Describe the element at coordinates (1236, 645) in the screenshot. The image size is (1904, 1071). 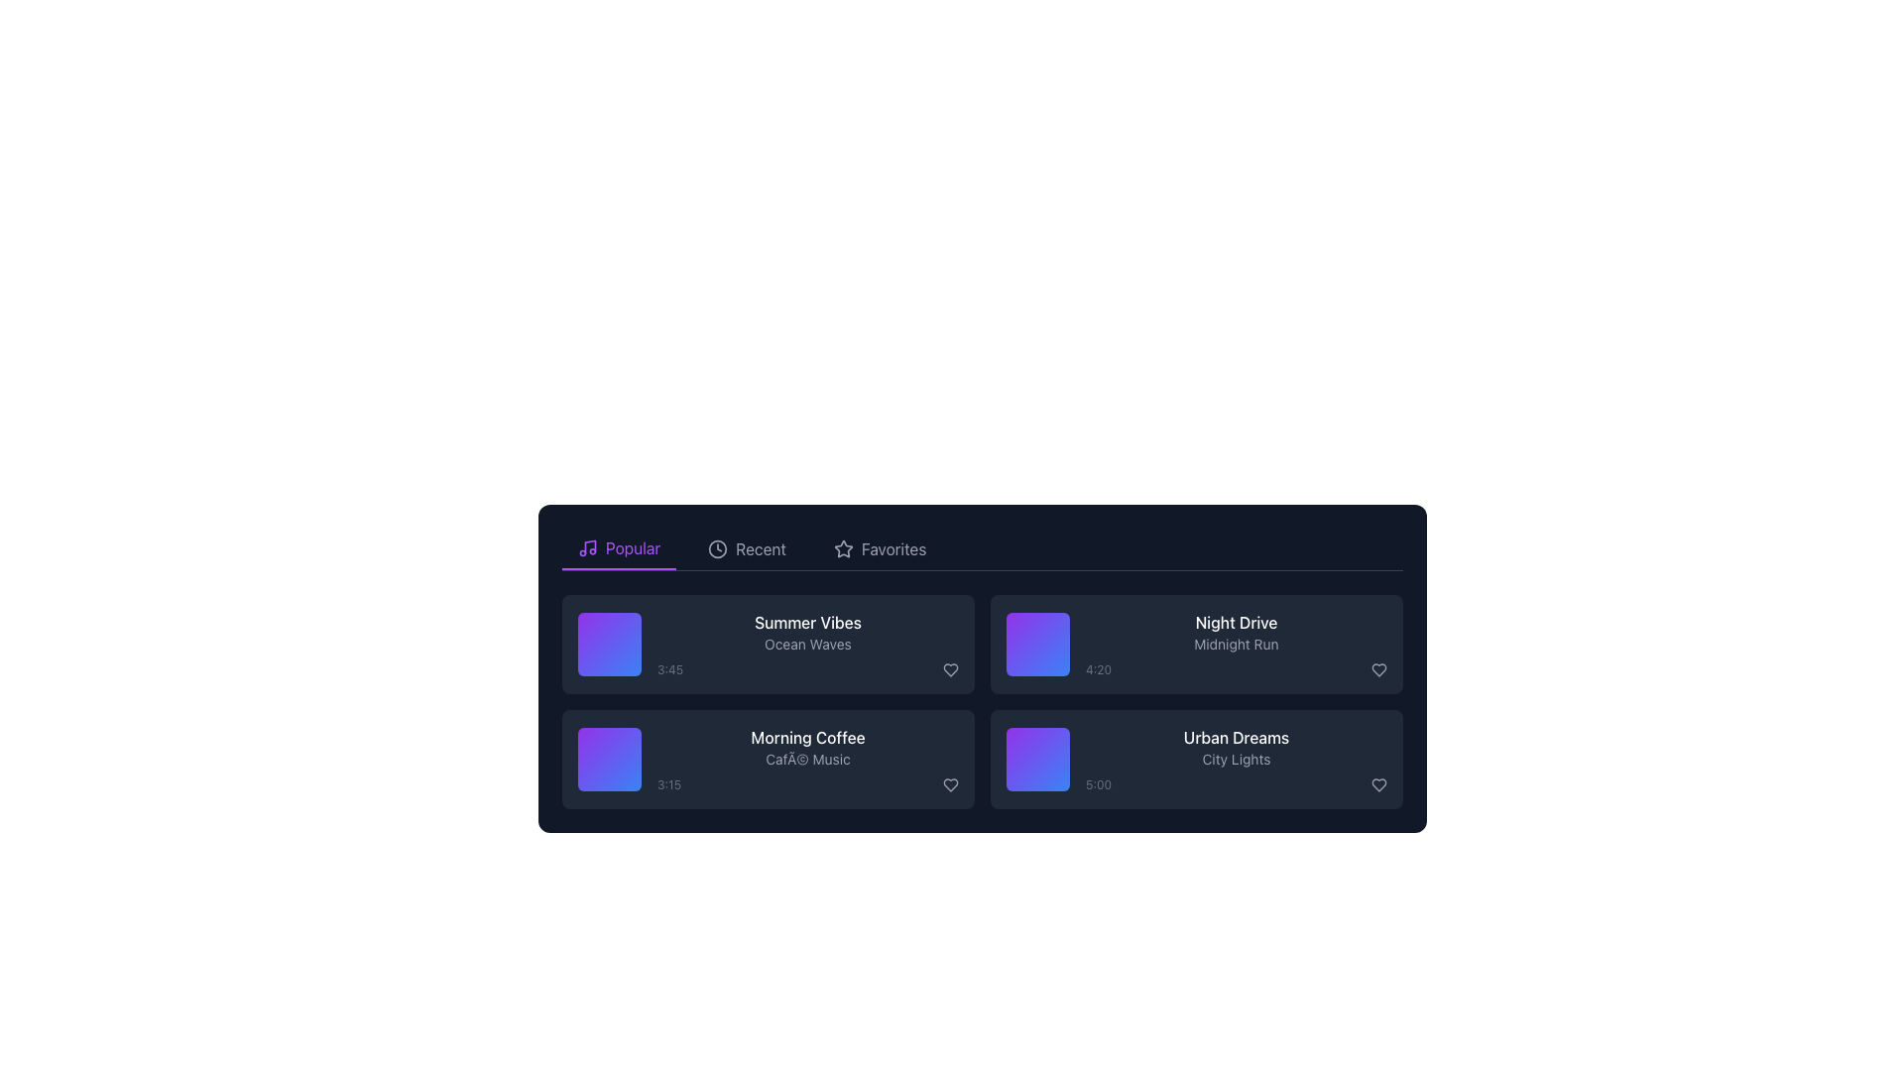
I see `the text content display element showcasing the song 'Night Drive' by 'Midnight Run'` at that location.